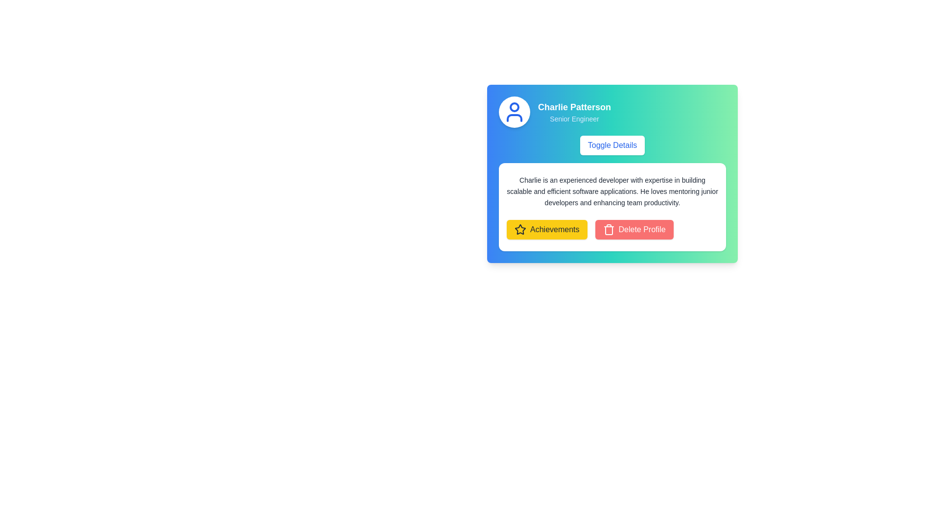  What do you see at coordinates (574, 107) in the screenshot?
I see `the text label displaying 'Charlie Patterson' which is styled in a bold, large font size and white color, located near the top-left region of a profile card layout` at bounding box center [574, 107].